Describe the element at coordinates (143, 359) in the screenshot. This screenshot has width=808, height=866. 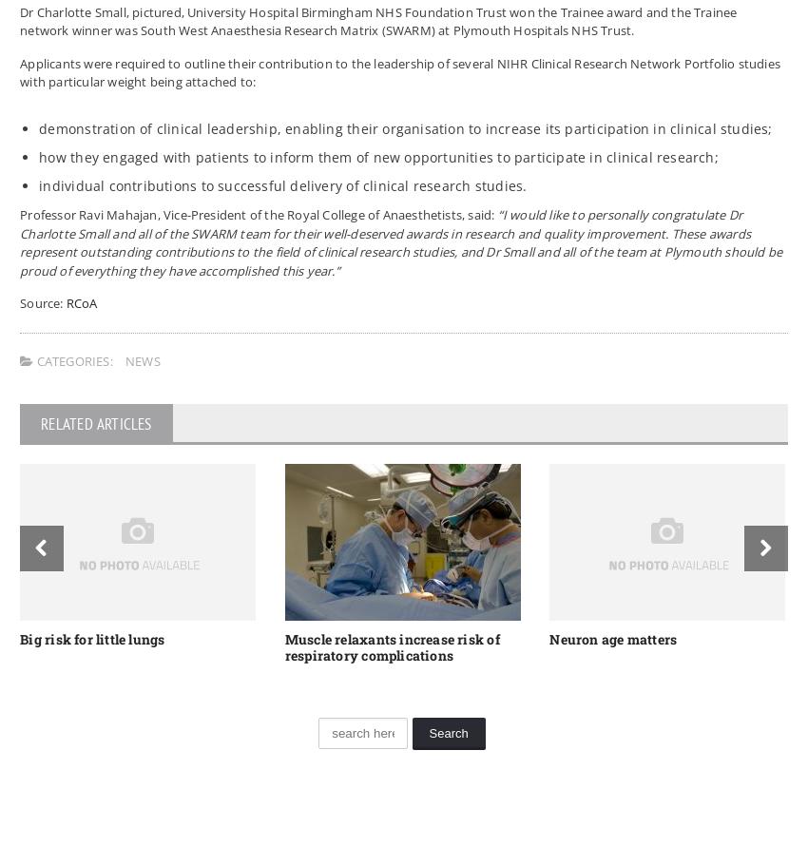
I see `'NEWS'` at that location.